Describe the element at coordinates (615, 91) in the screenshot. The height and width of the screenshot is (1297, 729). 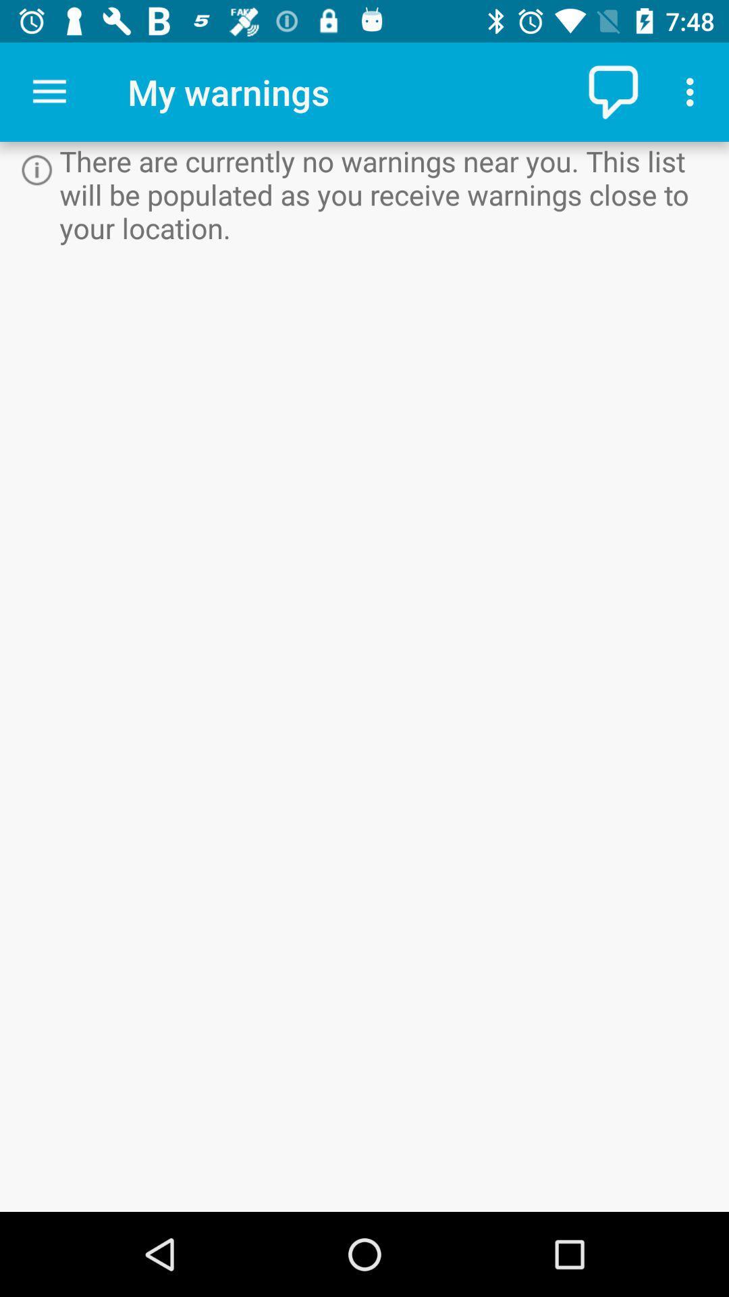
I see `icon to the right of my warnings` at that location.